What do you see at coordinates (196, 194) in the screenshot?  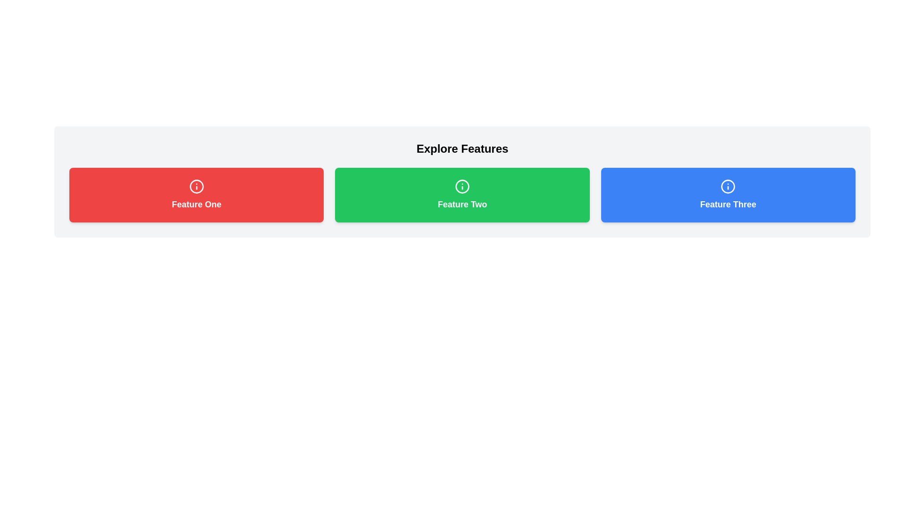 I see `the red rectangular button labeled 'Feature One' which has an information icon above the text` at bounding box center [196, 194].